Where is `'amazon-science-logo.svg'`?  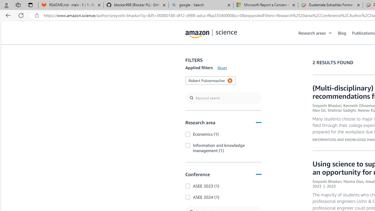
'amazon-science-logo.svg' is located at coordinates (211, 34).